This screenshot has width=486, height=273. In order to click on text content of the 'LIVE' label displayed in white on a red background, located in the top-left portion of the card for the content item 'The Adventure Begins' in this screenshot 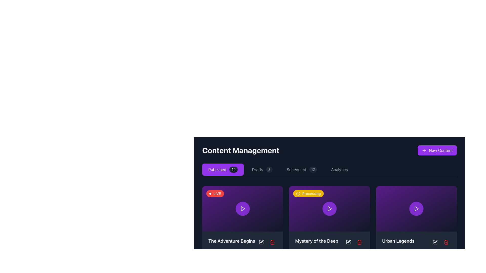, I will do `click(217, 193)`.